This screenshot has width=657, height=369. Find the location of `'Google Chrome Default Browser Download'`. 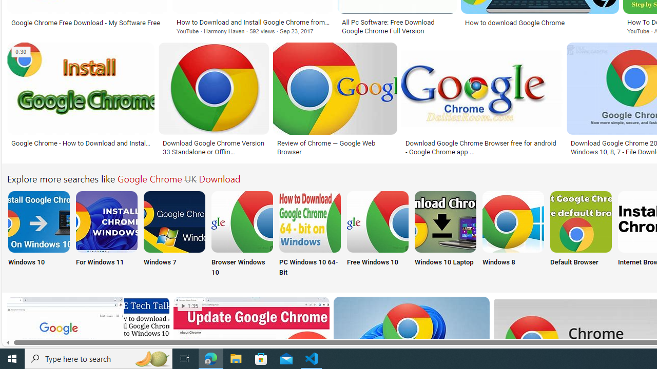

'Google Chrome Default Browser Download' is located at coordinates (581, 221).